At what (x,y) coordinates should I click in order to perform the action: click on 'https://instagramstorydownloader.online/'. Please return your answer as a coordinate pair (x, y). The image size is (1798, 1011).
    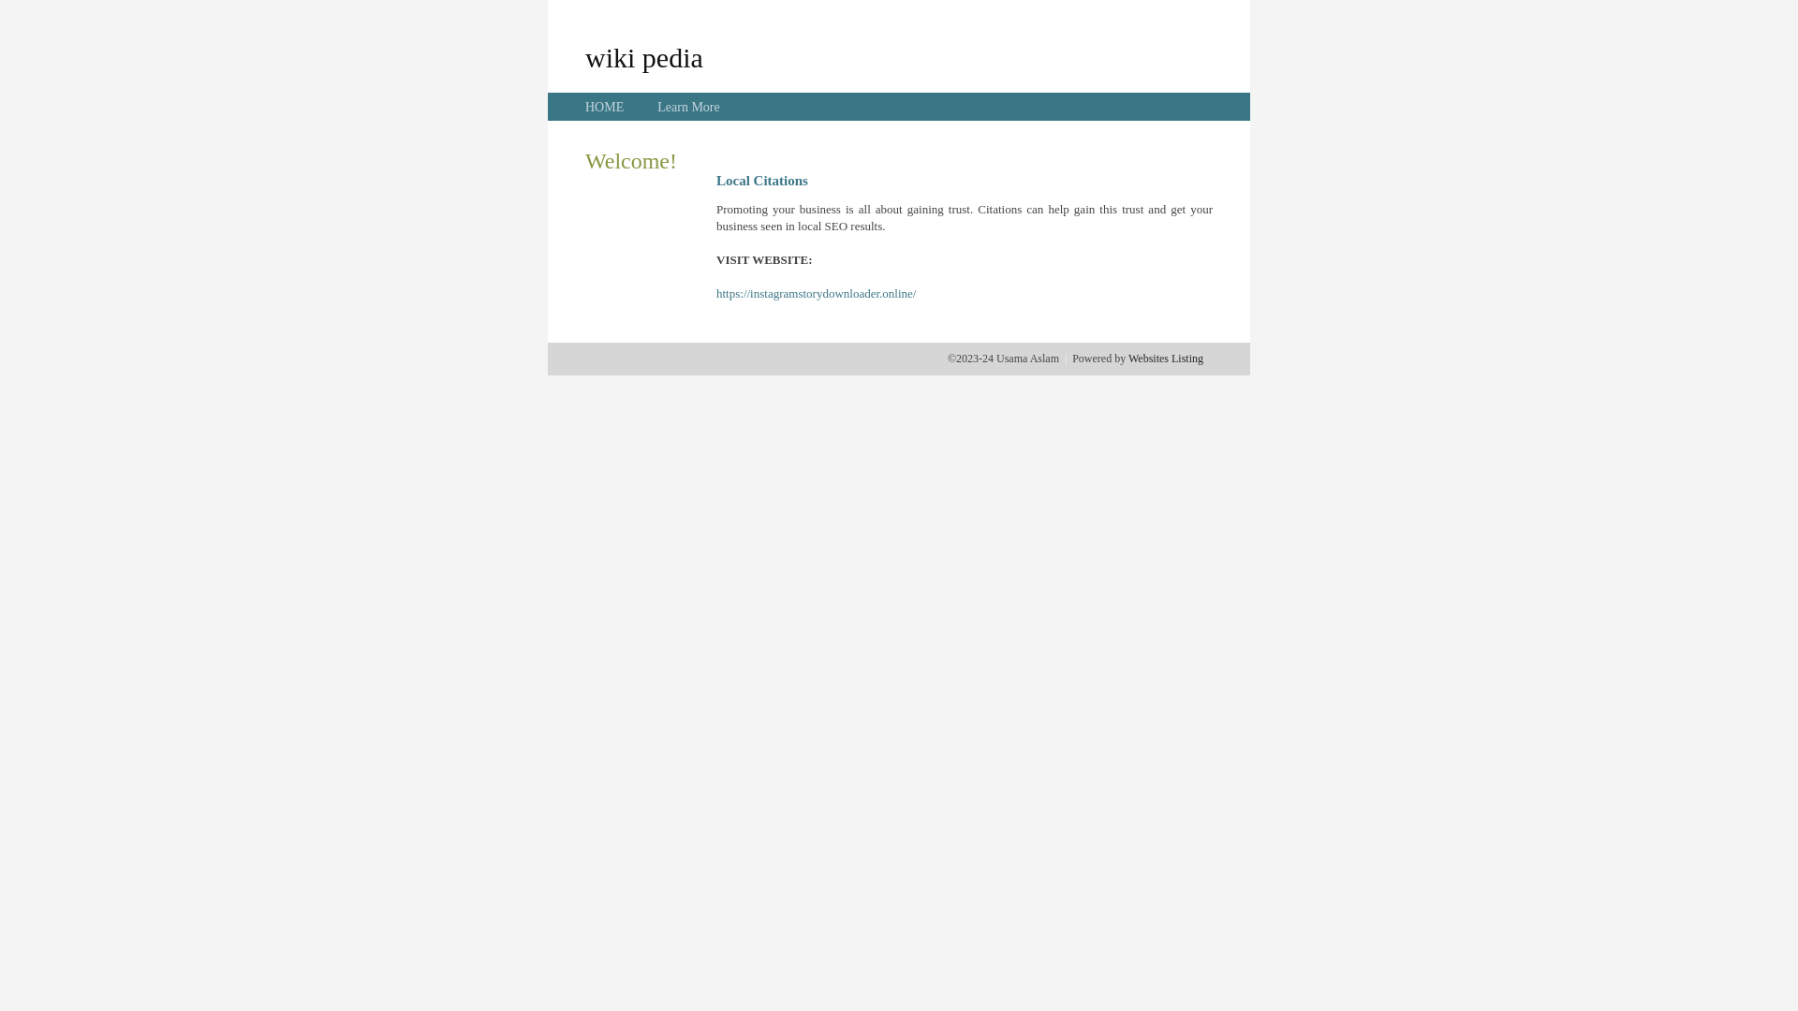
    Looking at the image, I should click on (816, 293).